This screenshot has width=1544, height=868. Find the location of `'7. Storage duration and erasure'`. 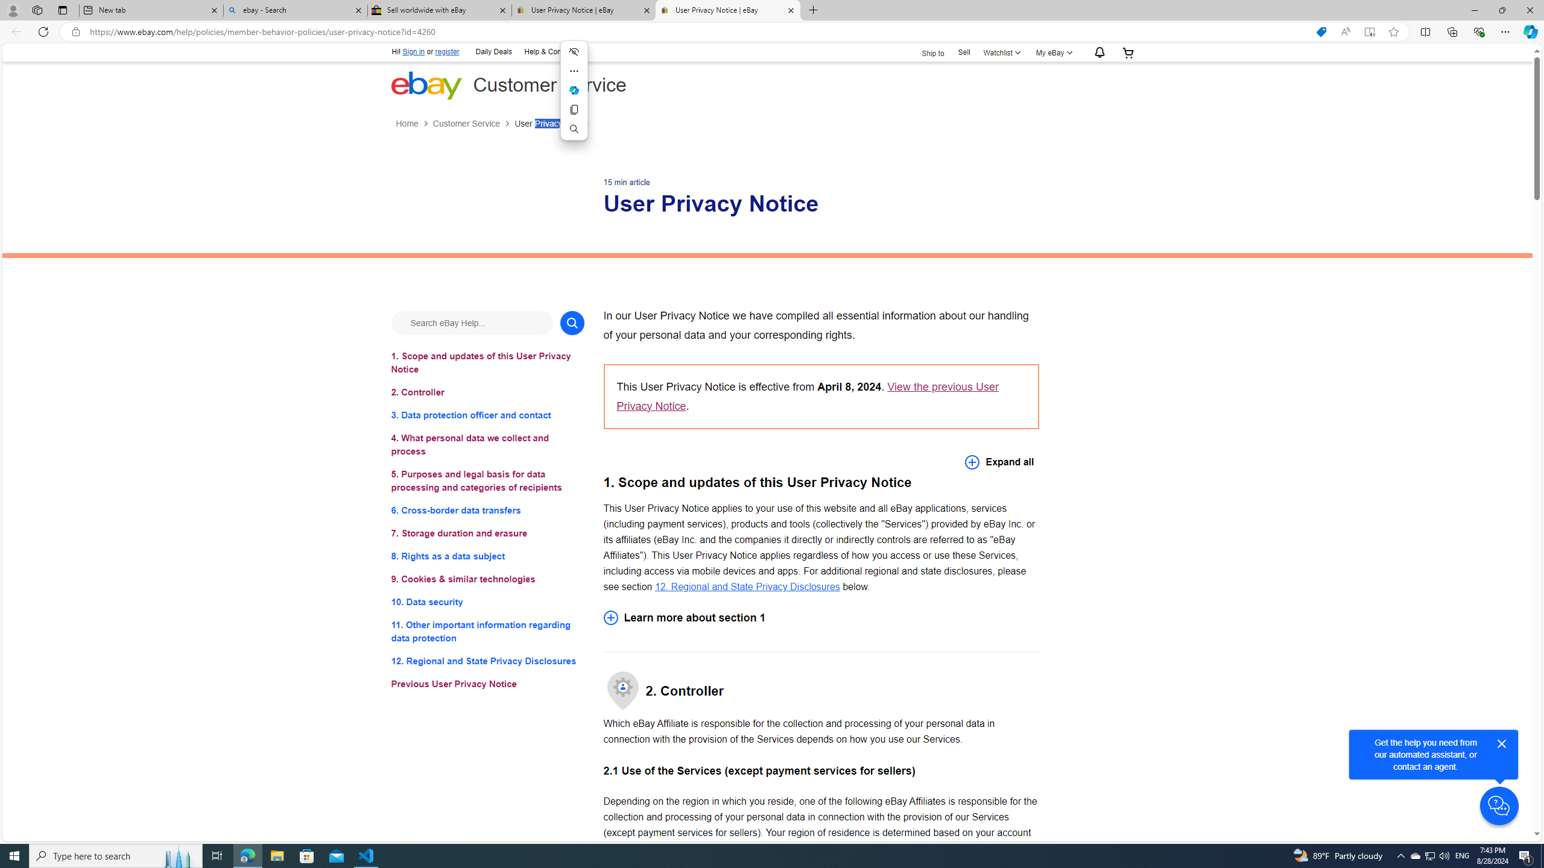

'7. Storage duration and erasure' is located at coordinates (487, 533).